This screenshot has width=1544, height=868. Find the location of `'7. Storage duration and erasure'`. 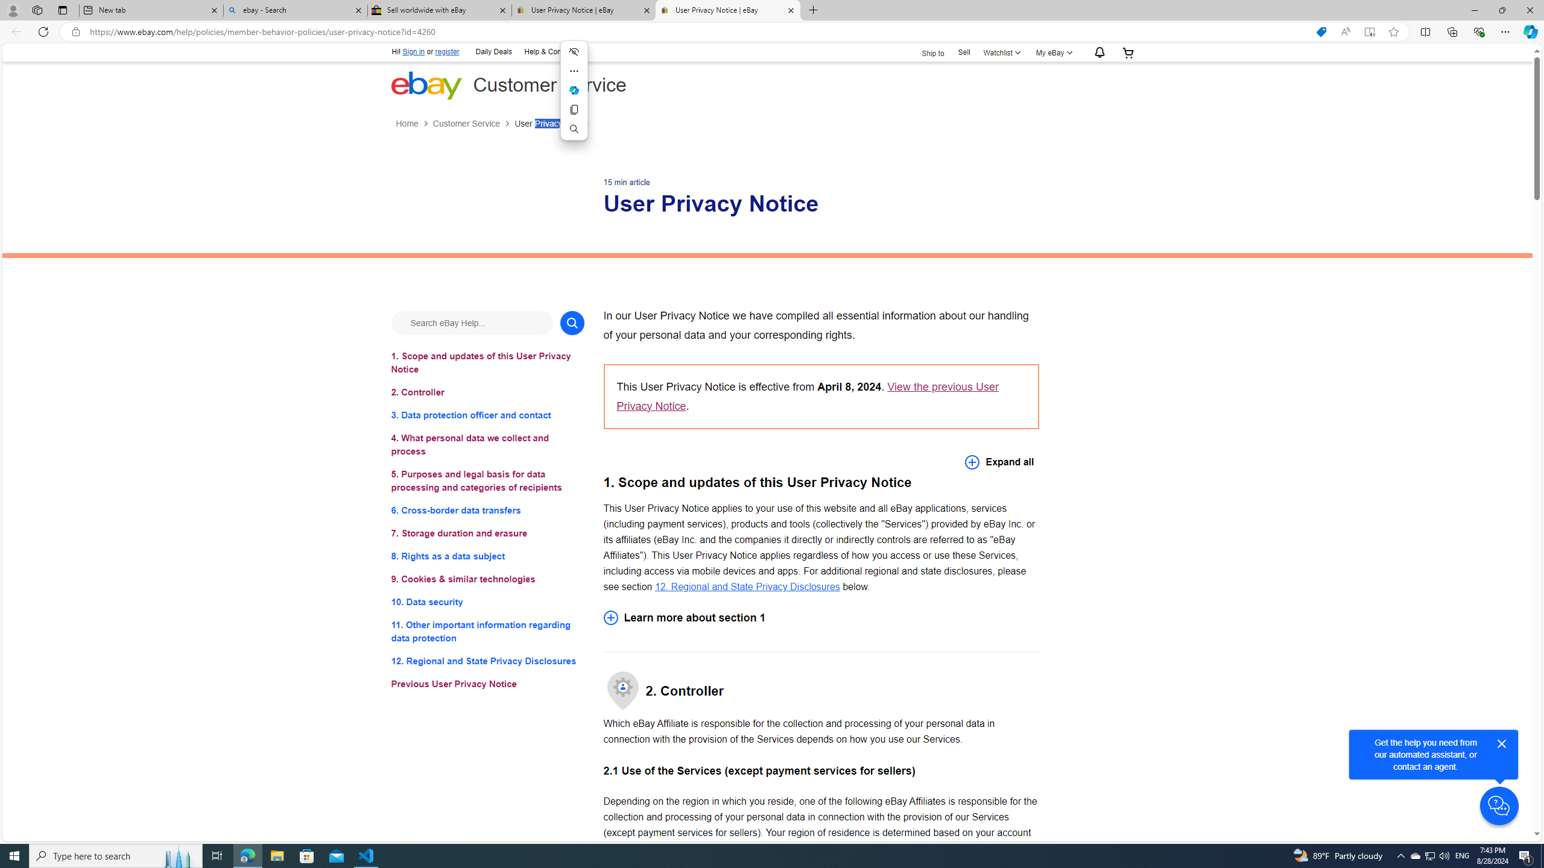

'7. Storage duration and erasure' is located at coordinates (487, 533).